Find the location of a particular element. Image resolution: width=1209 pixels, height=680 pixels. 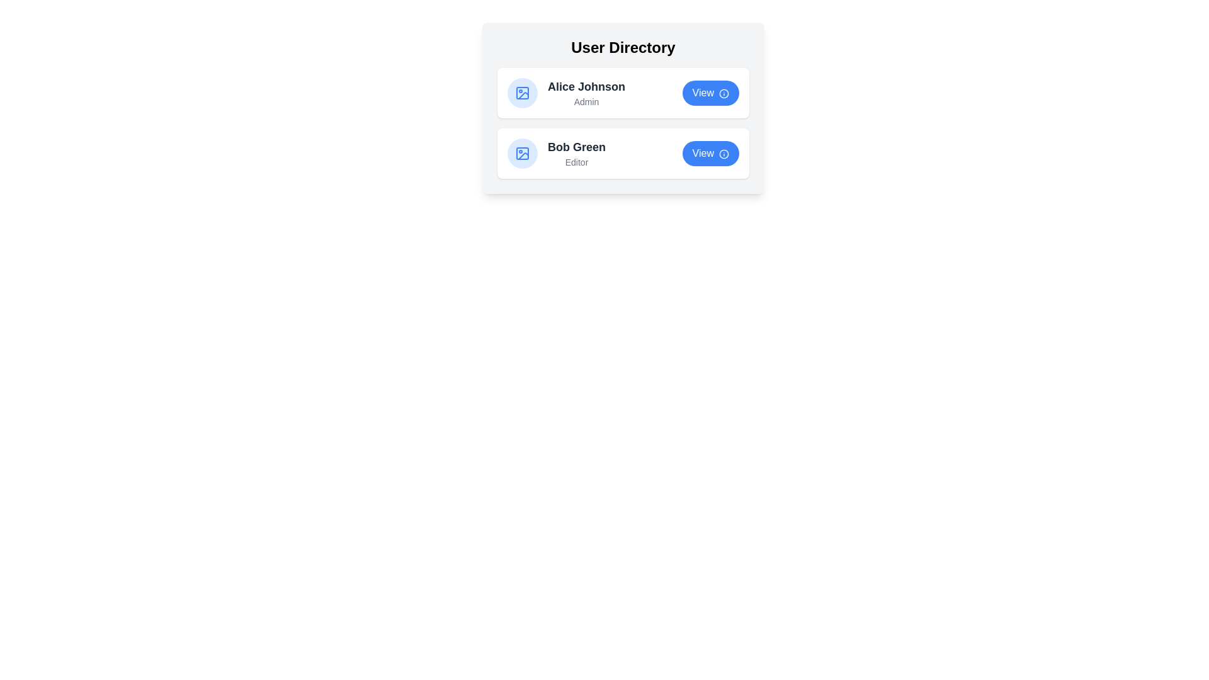

'View' button for a user identified by Bob Green is located at coordinates (710, 152).